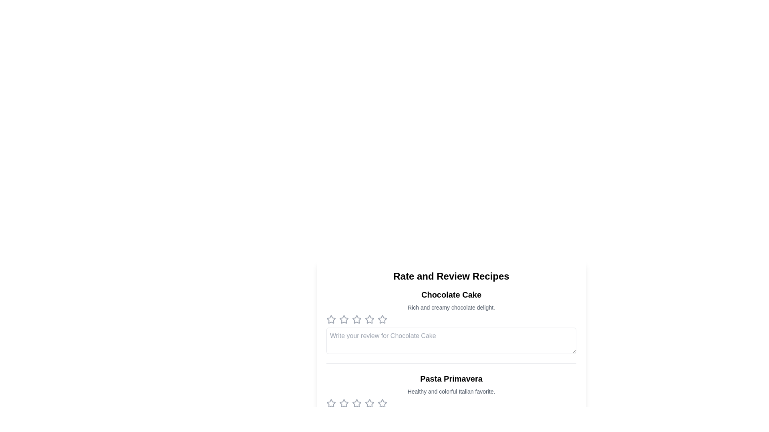 The height and width of the screenshot is (432, 769). Describe the element at coordinates (382, 403) in the screenshot. I see `the first hollow star icon in the rating system for 'Pasta Primavera'` at that location.